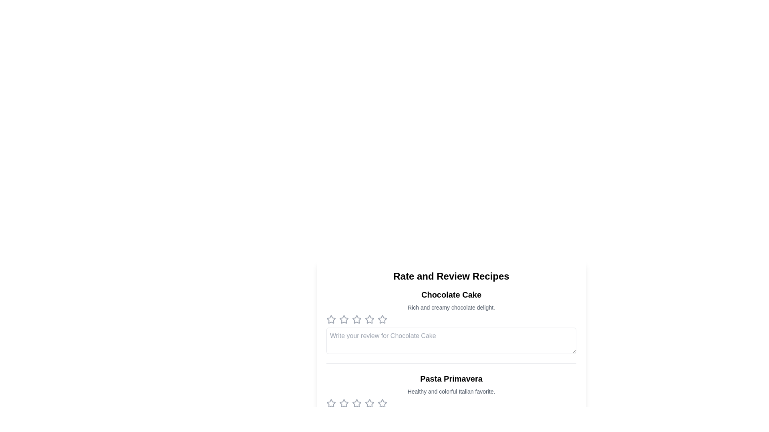 The height and width of the screenshot is (432, 769). Describe the element at coordinates (382, 403) in the screenshot. I see `the first hollow star icon in the rating system for 'Pasta Primavera'` at that location.